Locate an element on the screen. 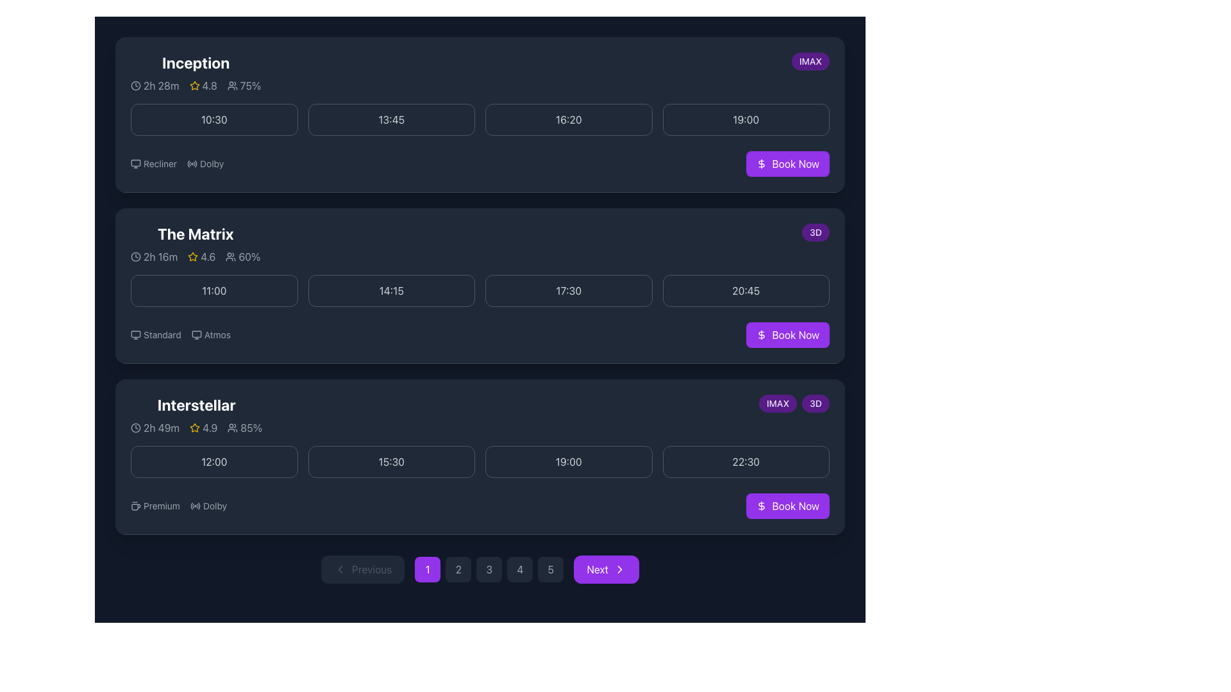 The image size is (1231, 692). the booking button for the 'Interstellar' movie located at the bottom right corner of the section next to the time slots for 19:00 and 22:30 to initiate the booking process is located at coordinates (787, 506).